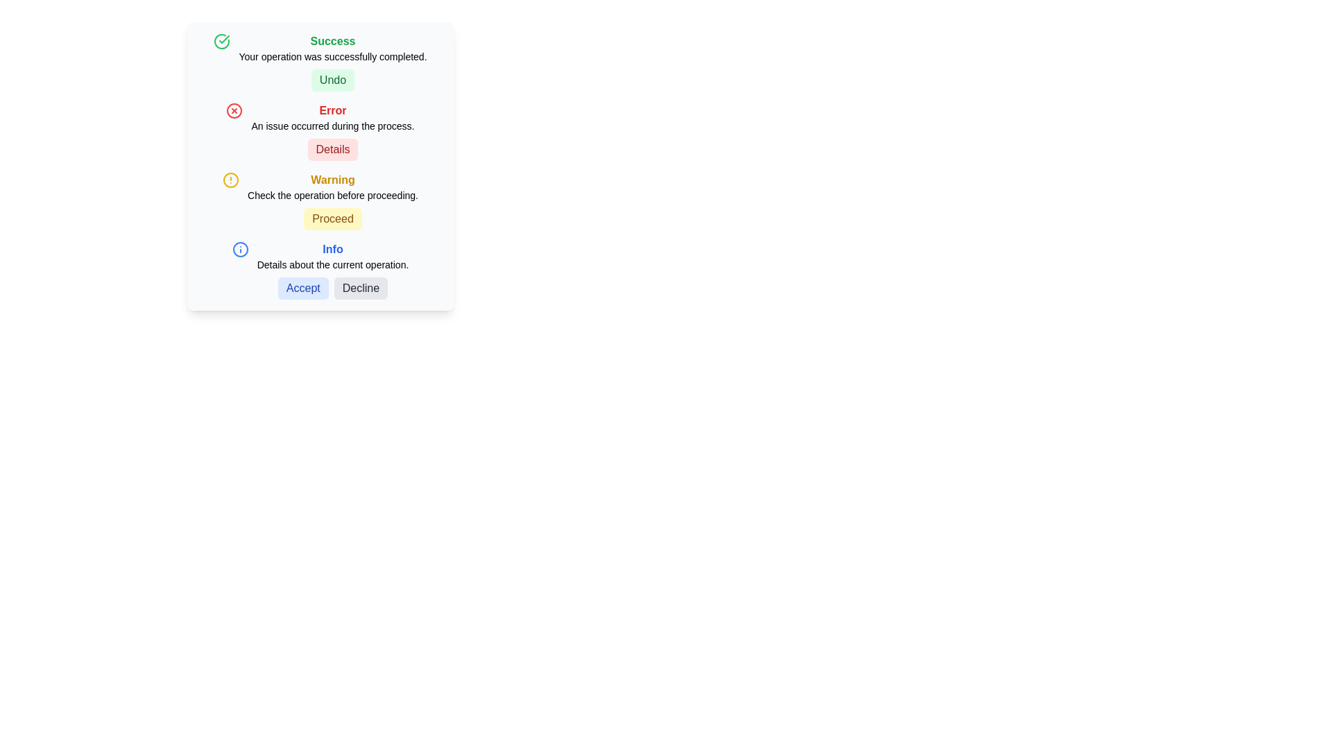 Image resolution: width=1332 pixels, height=749 pixels. What do you see at coordinates (333, 150) in the screenshot?
I see `the button located directly below the error message 'Error: An issue occurred during the process.'` at bounding box center [333, 150].